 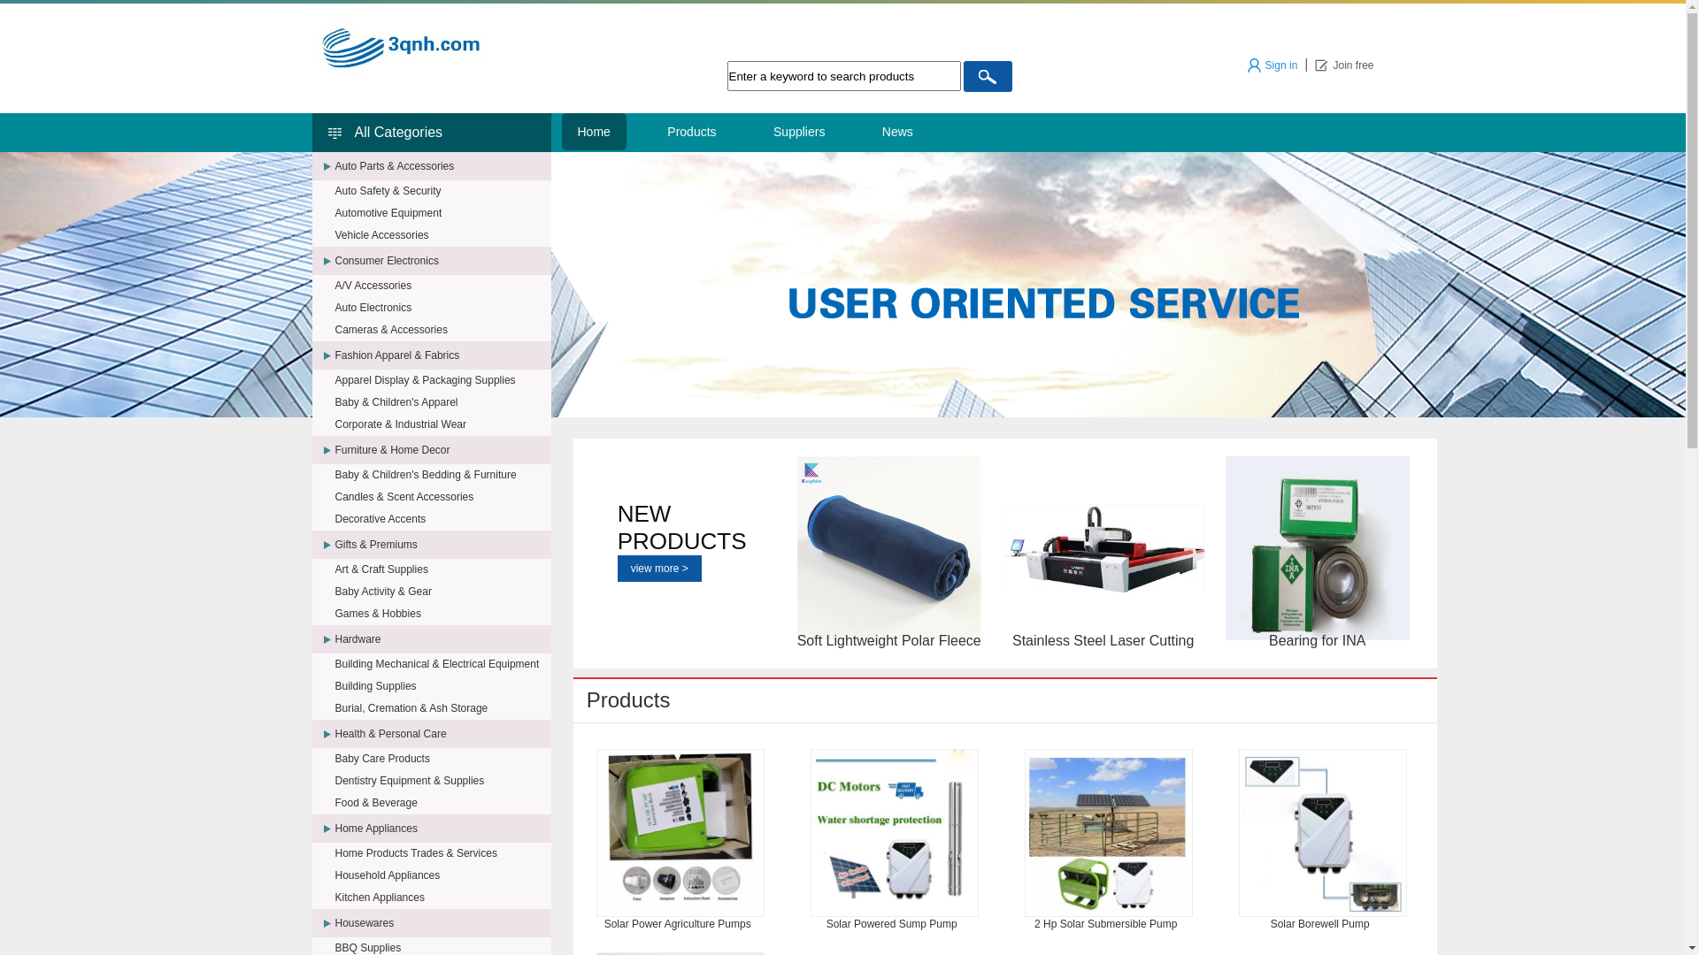 I want to click on 'Baby & Children's Bedding & Furniture', so click(x=442, y=473).